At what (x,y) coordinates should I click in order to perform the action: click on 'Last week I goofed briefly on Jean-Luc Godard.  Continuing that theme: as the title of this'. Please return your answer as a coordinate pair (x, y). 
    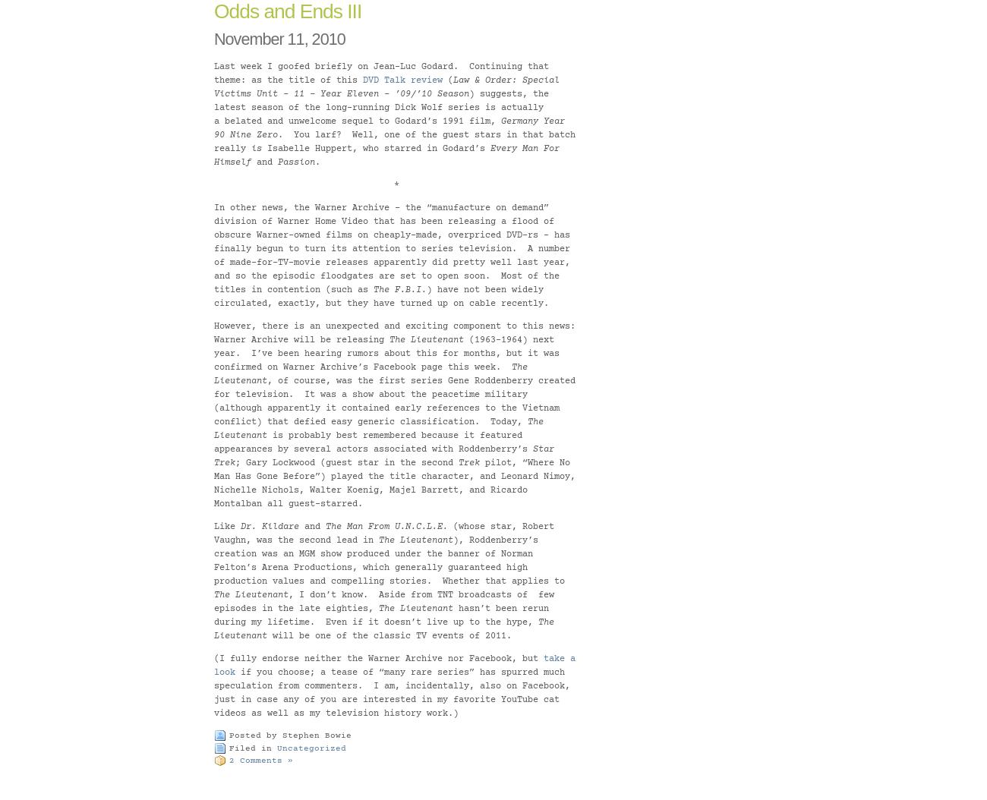
    Looking at the image, I should click on (213, 73).